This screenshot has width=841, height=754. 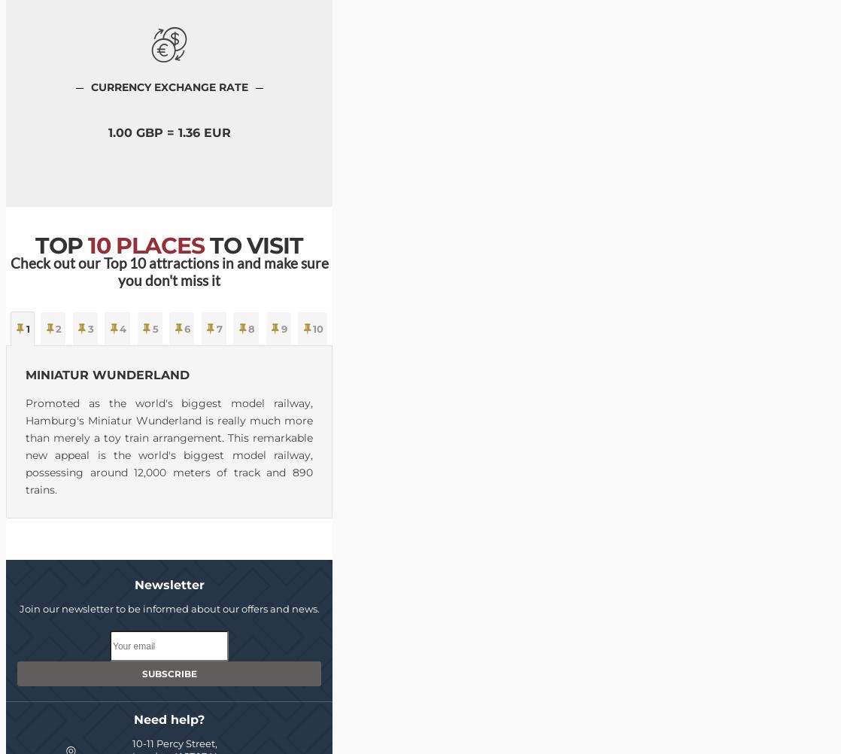 I want to click on '2', so click(x=59, y=327).